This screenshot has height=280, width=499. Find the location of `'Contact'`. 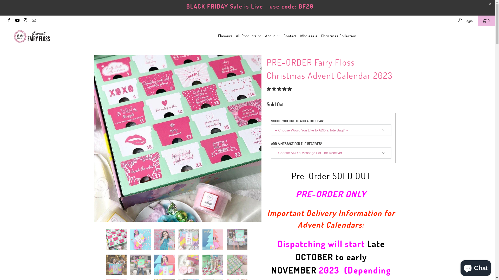

'Contact' is located at coordinates (283, 36).